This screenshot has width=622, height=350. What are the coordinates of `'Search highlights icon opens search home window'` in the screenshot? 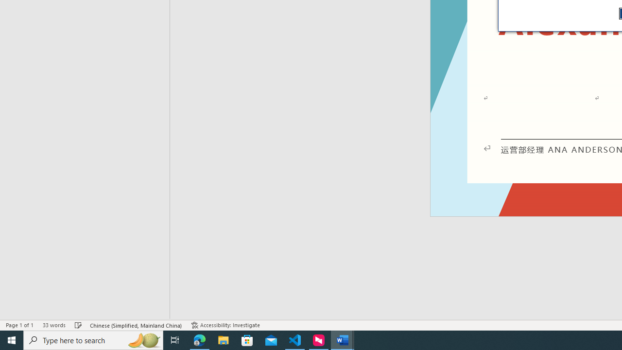 It's located at (143, 339).